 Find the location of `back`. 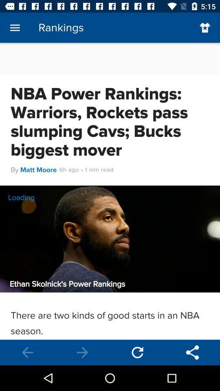

back is located at coordinates (82, 352).